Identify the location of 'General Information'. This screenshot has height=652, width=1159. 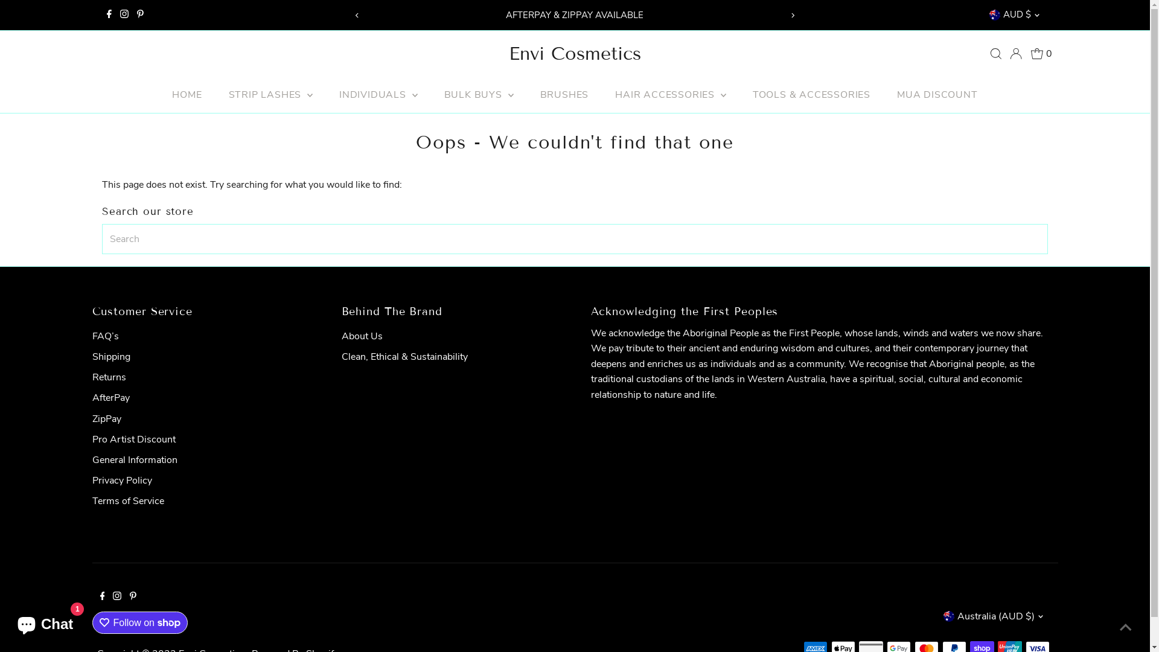
(134, 460).